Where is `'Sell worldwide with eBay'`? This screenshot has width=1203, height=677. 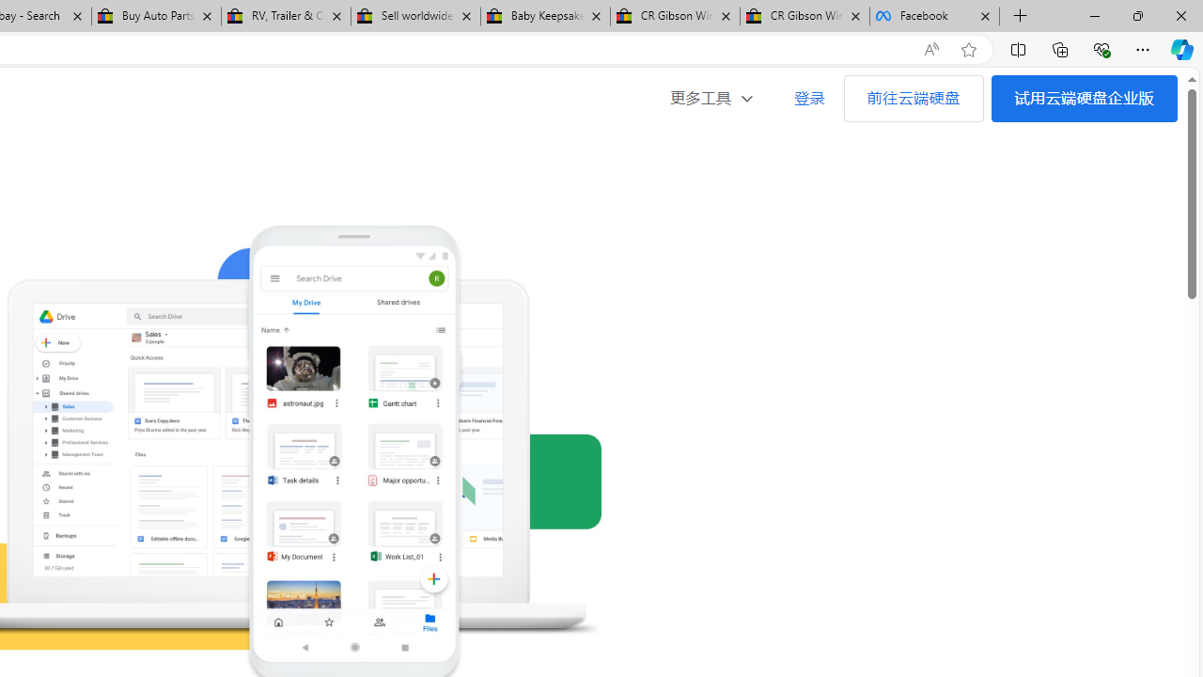
'Sell worldwide with eBay' is located at coordinates (414, 16).